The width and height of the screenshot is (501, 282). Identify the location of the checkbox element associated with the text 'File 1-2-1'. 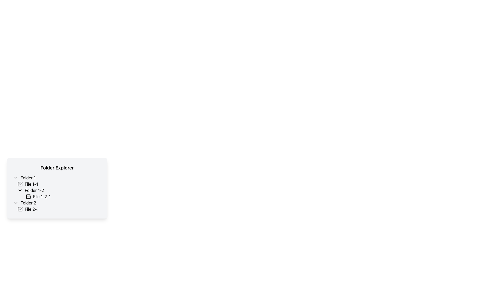
(28, 196).